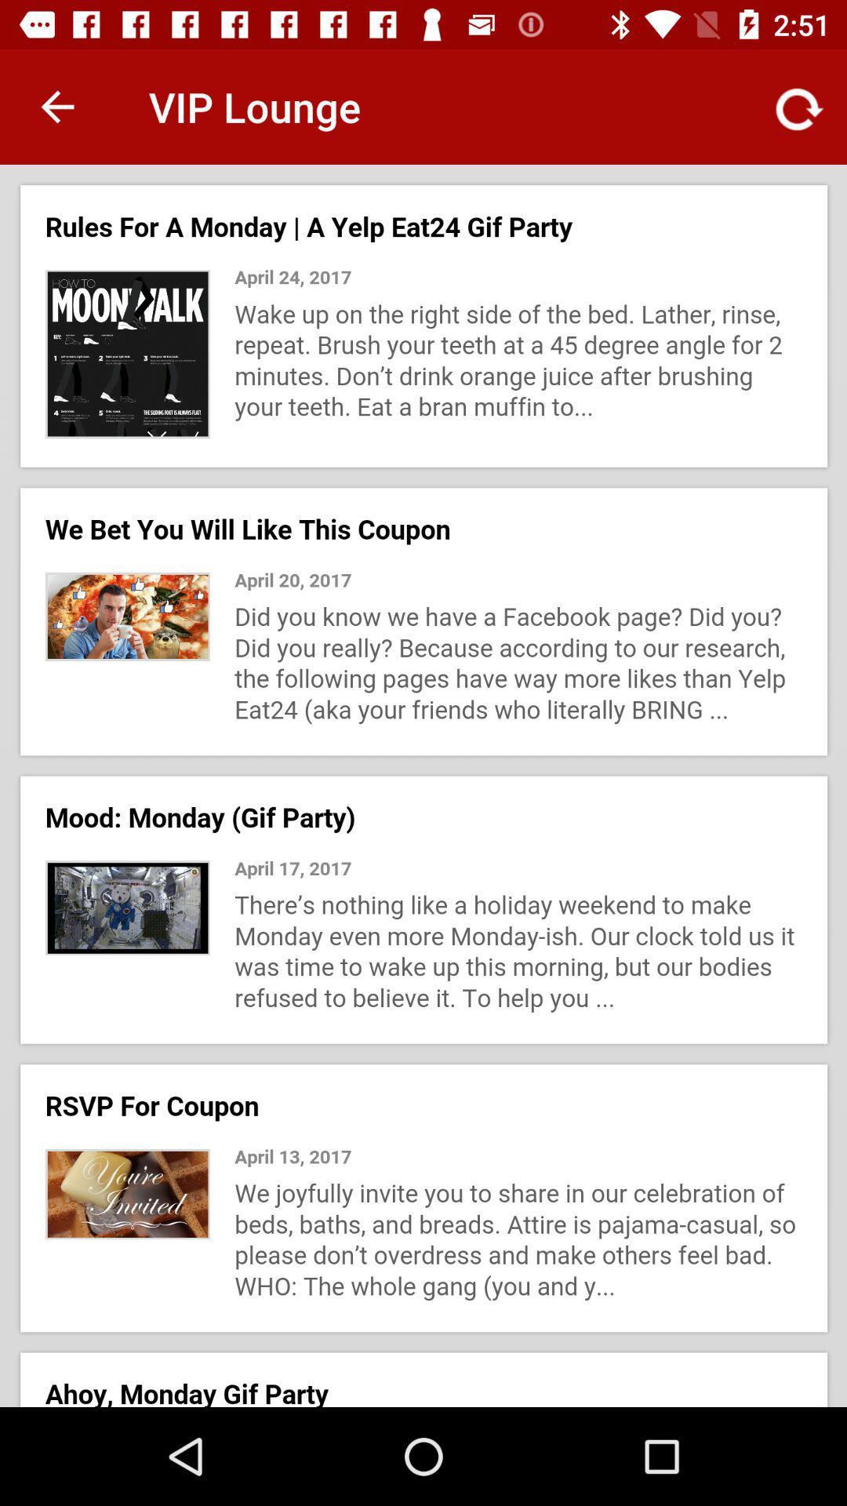 The image size is (847, 1506). I want to click on coupon, so click(423, 786).